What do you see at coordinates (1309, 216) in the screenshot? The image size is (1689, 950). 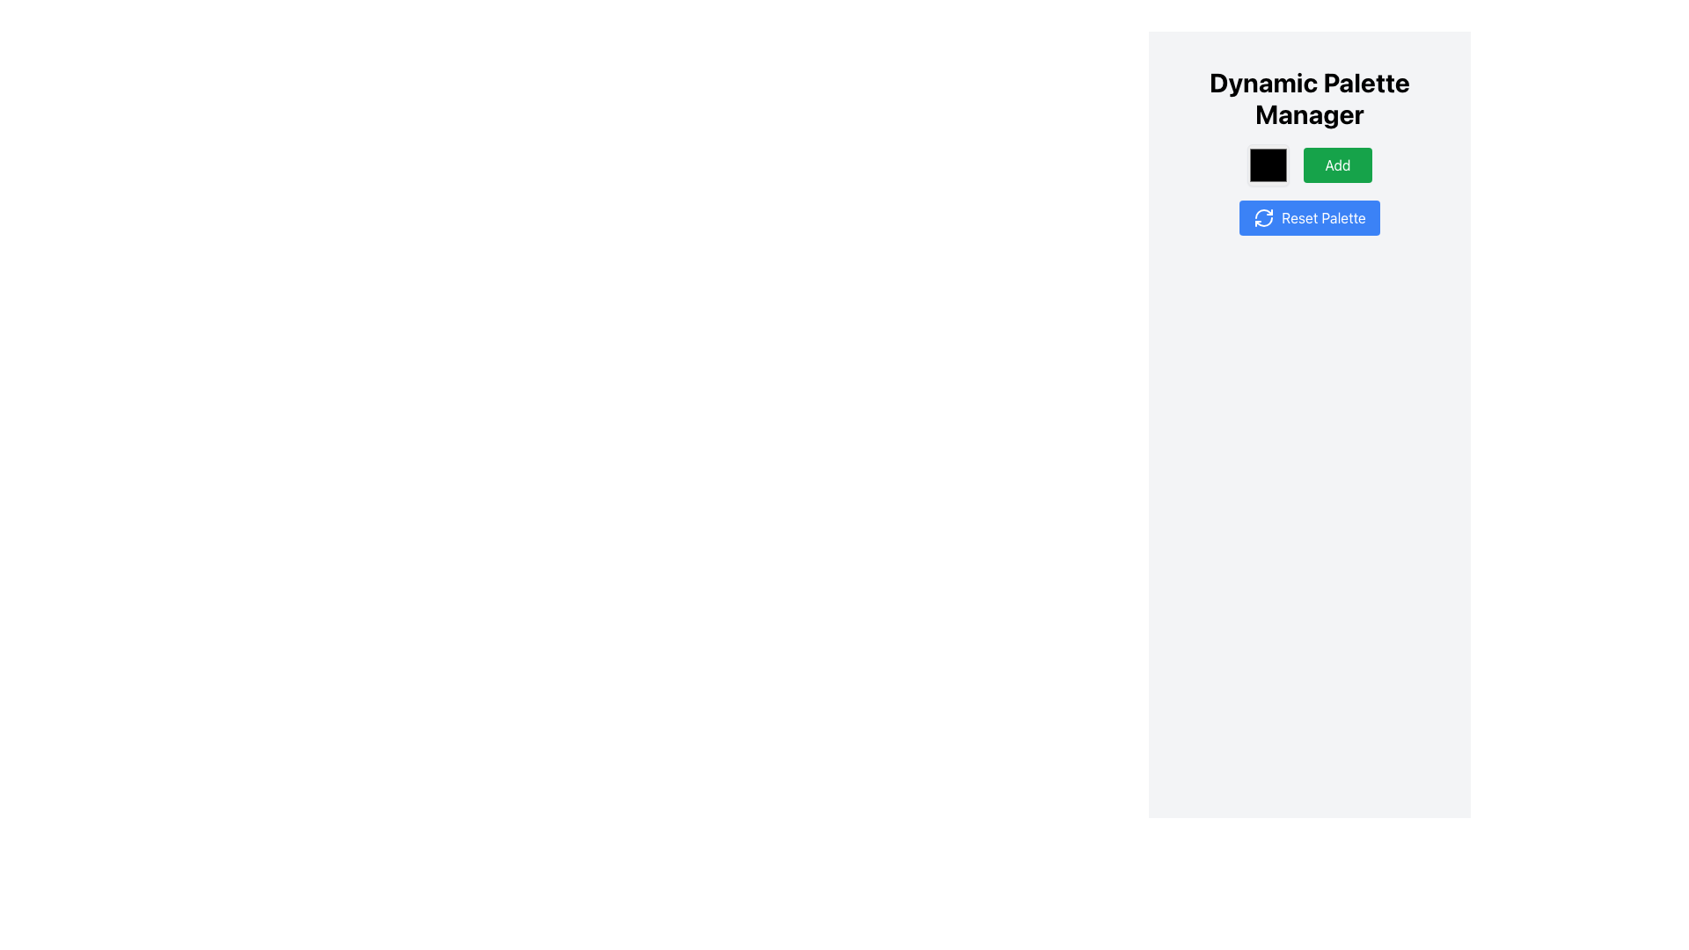 I see `the reset button located beneath the 'Add' button in the 'Dynamic Palette Manager' to reset the color palette back to its default state` at bounding box center [1309, 216].